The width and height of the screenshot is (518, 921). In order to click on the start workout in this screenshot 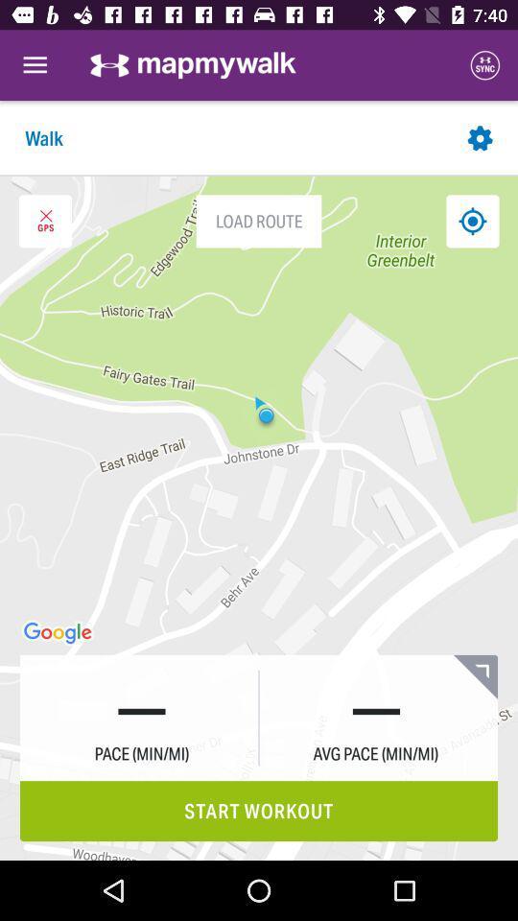, I will do `click(259, 810)`.